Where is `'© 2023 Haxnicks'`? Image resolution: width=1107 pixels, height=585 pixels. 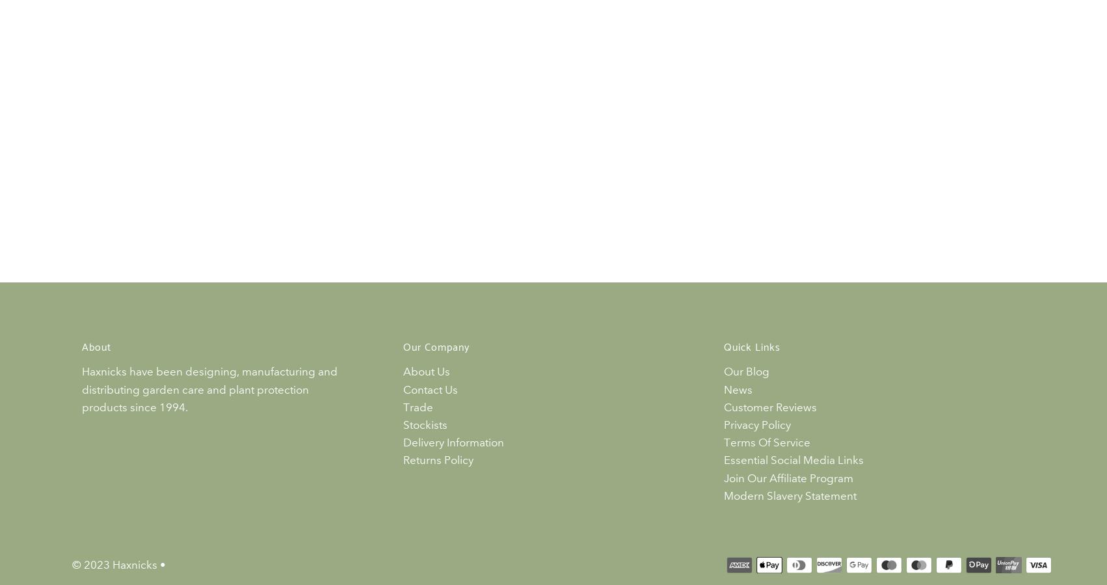 '© 2023 Haxnicks' is located at coordinates (114, 565).